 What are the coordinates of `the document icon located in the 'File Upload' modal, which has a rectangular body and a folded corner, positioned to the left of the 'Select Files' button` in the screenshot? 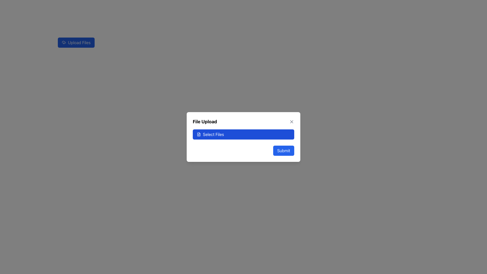 It's located at (198, 134).